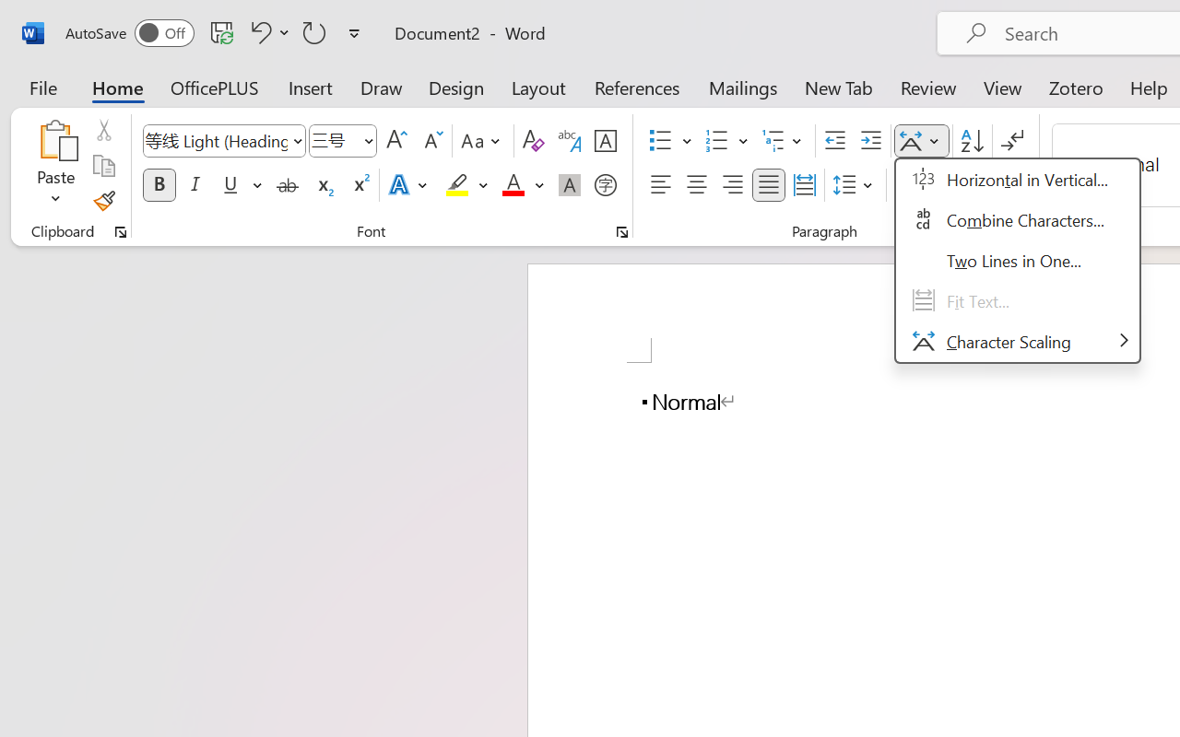  What do you see at coordinates (569, 141) in the screenshot?
I see `'Phonetic Guide...'` at bounding box center [569, 141].